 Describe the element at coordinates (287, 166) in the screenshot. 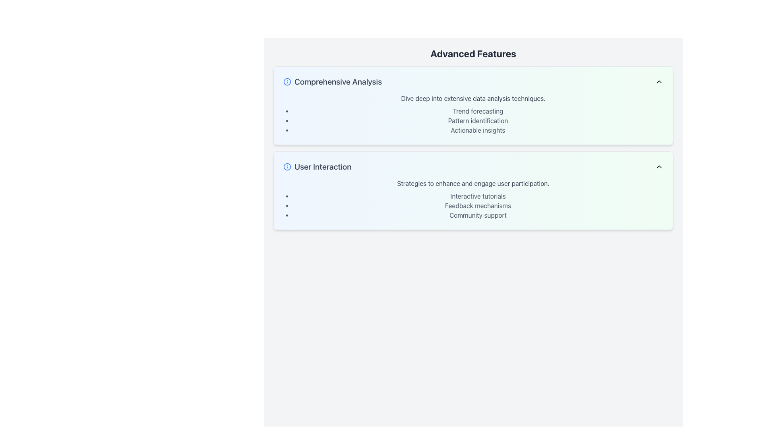

I see `the central circular component of the graphical icon element located in the 'User Interaction' section below 'Comprehensive Analysis'` at that location.